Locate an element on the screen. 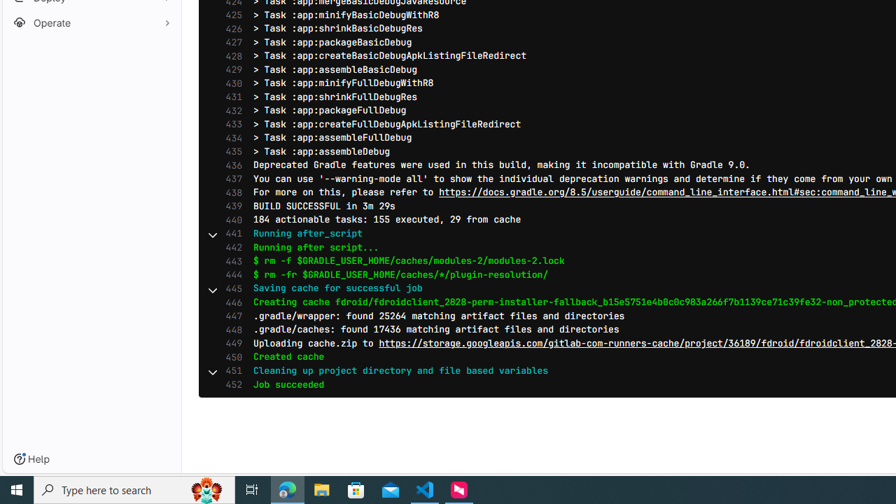  '447' is located at coordinates (230, 316).